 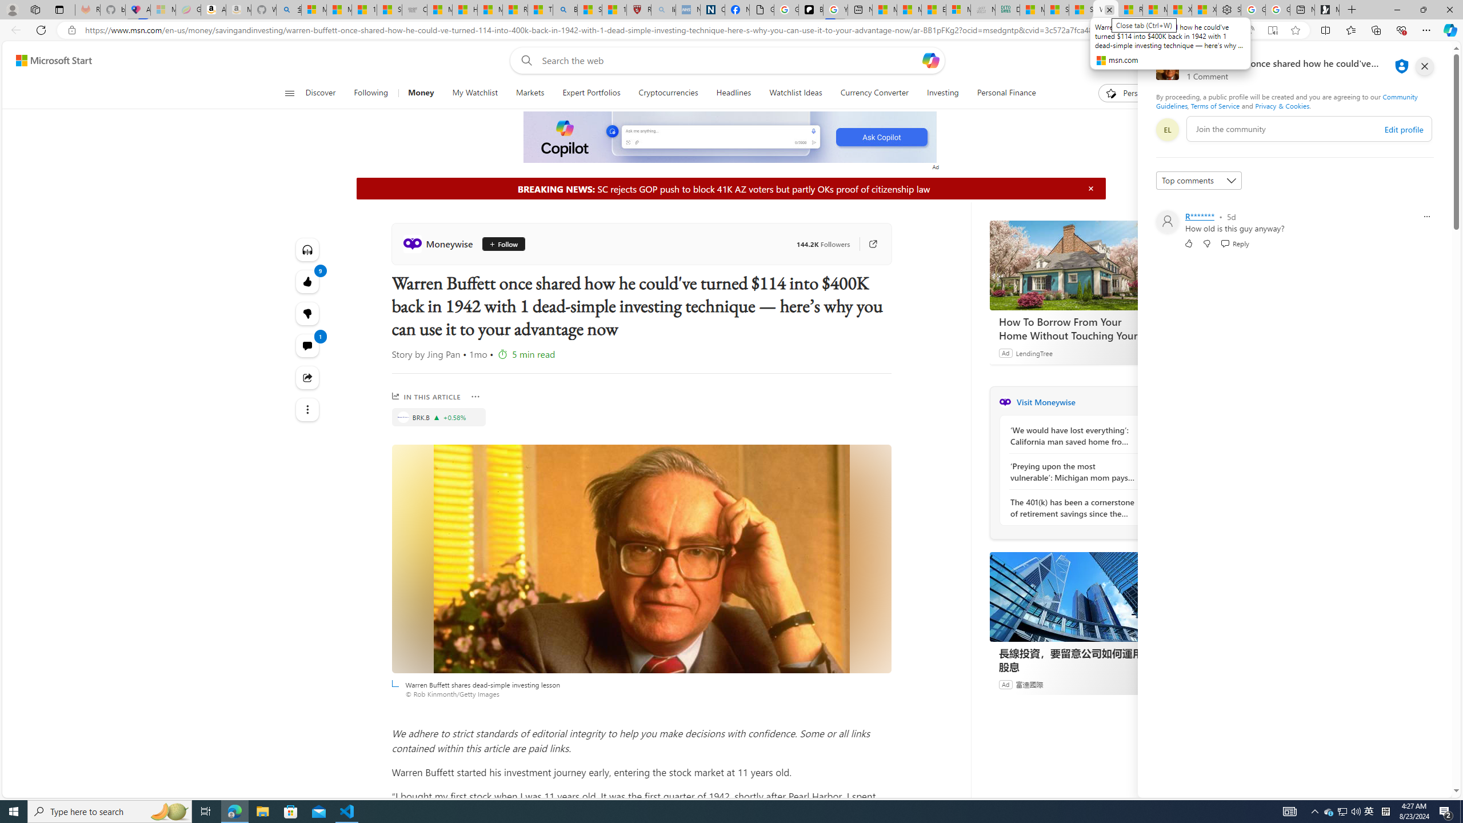 I want to click on 'Markets', so click(x=529, y=93).